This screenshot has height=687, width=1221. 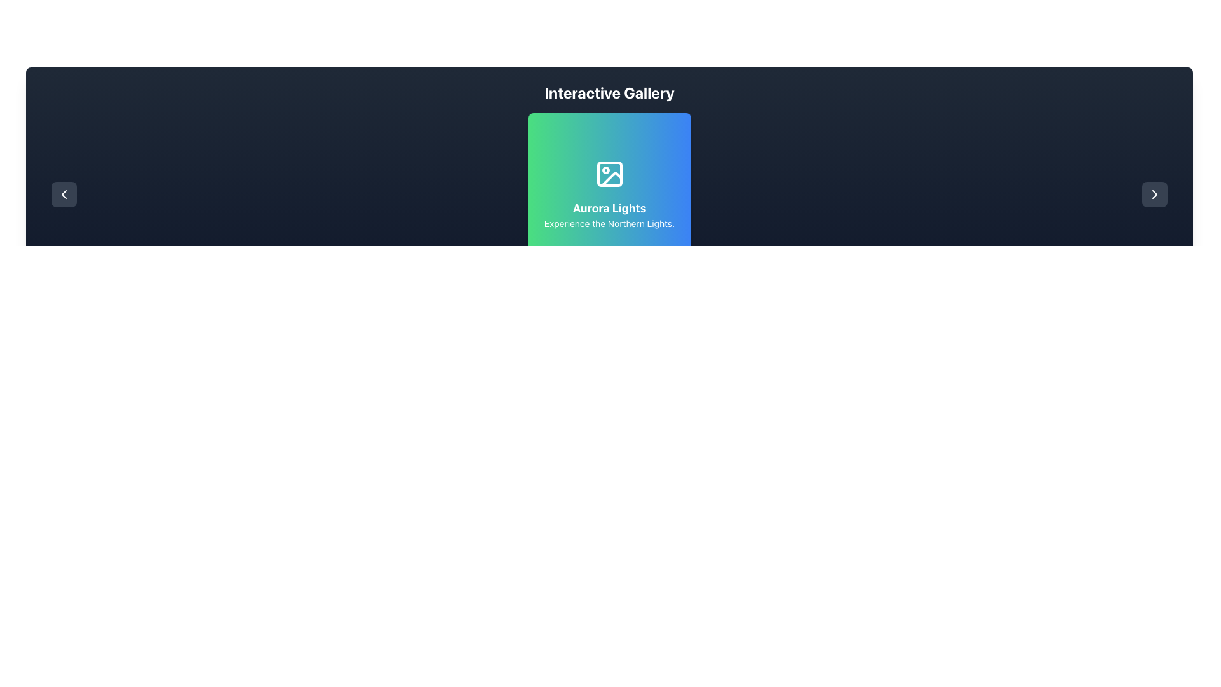 I want to click on the decorative rectangle icon with rounded corners located at the top-left corner of the SVG image icon, so click(x=609, y=174).